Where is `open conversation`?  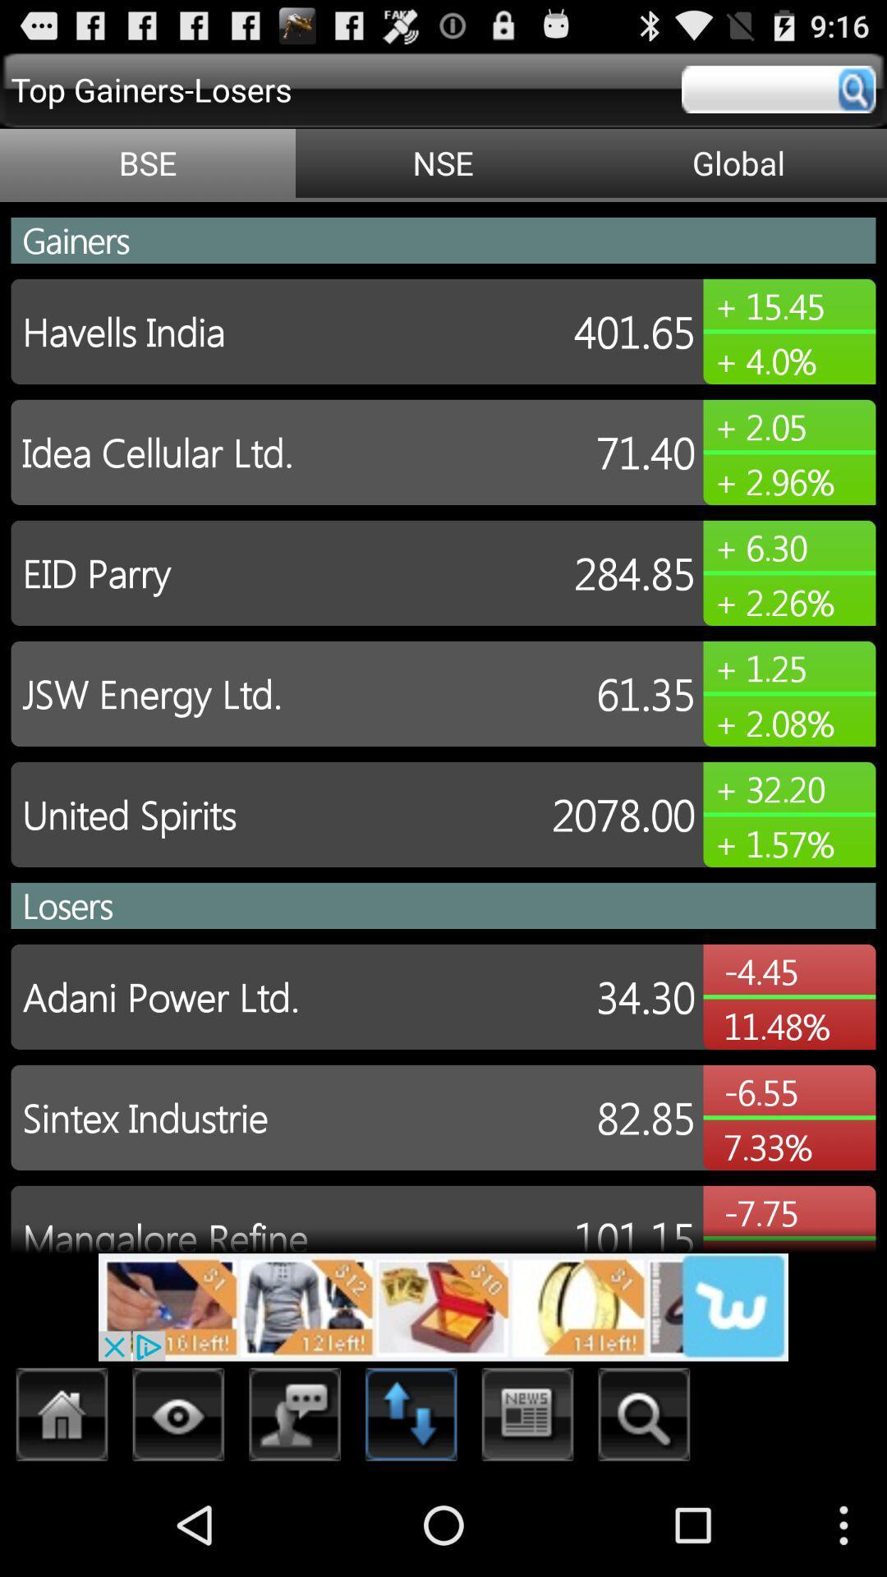 open conversation is located at coordinates (294, 1418).